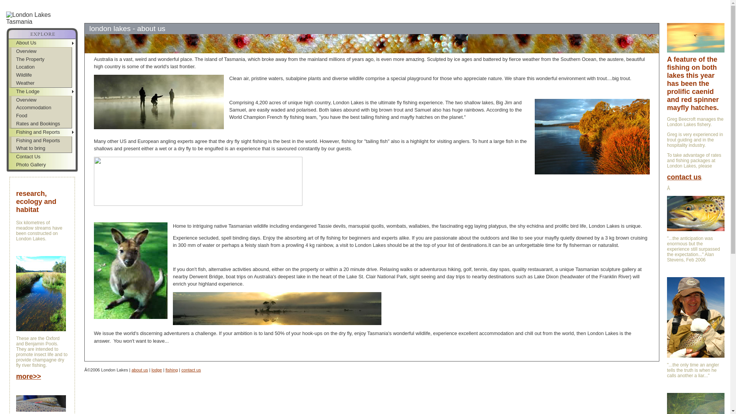  What do you see at coordinates (41, 100) in the screenshot?
I see `'Overview'` at bounding box center [41, 100].